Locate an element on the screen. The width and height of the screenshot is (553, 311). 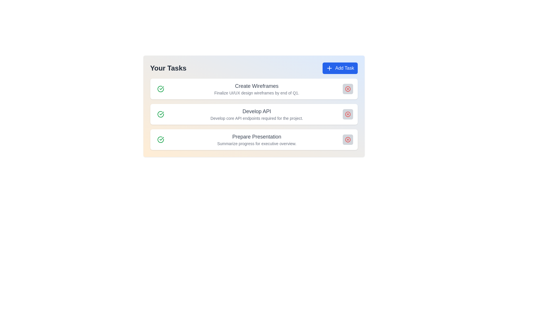
the Status icon located to the left of the 'Develop API' task description, which indicates an incomplete or failed status with green and red colors is located at coordinates (160, 114).